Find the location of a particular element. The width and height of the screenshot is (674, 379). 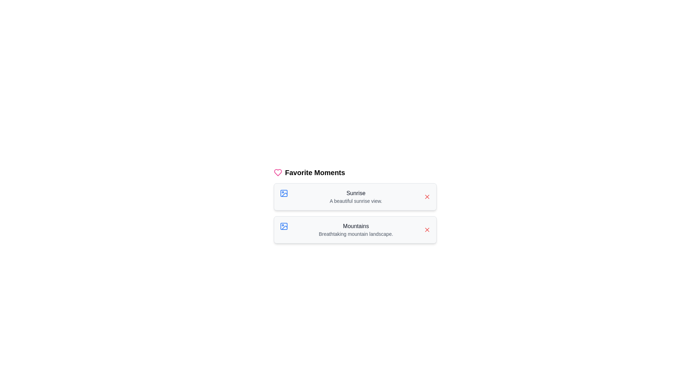

the item Sunrise to observe the hover effect is located at coordinates (355, 197).